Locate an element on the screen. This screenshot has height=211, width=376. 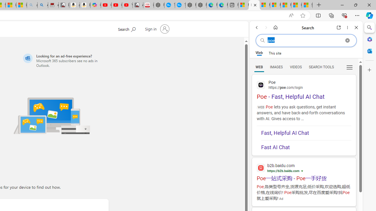
'The most popular Google ' is located at coordinates (180, 5).